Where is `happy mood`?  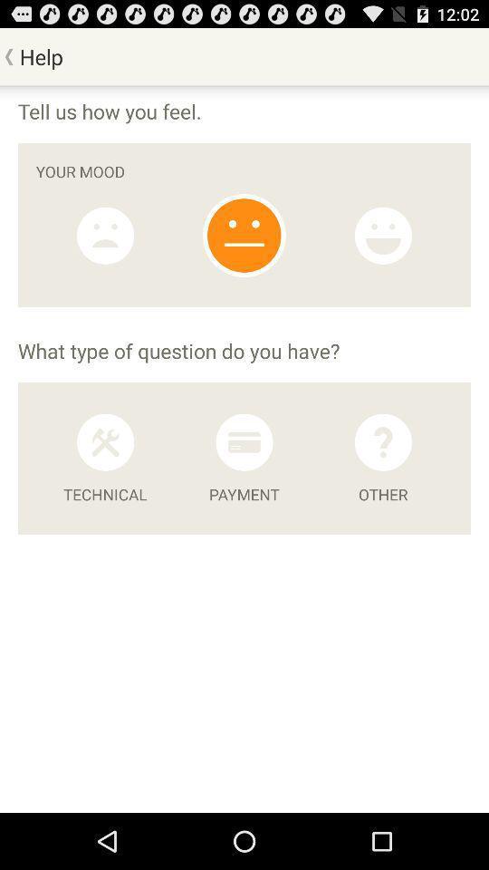
happy mood is located at coordinates (382, 235).